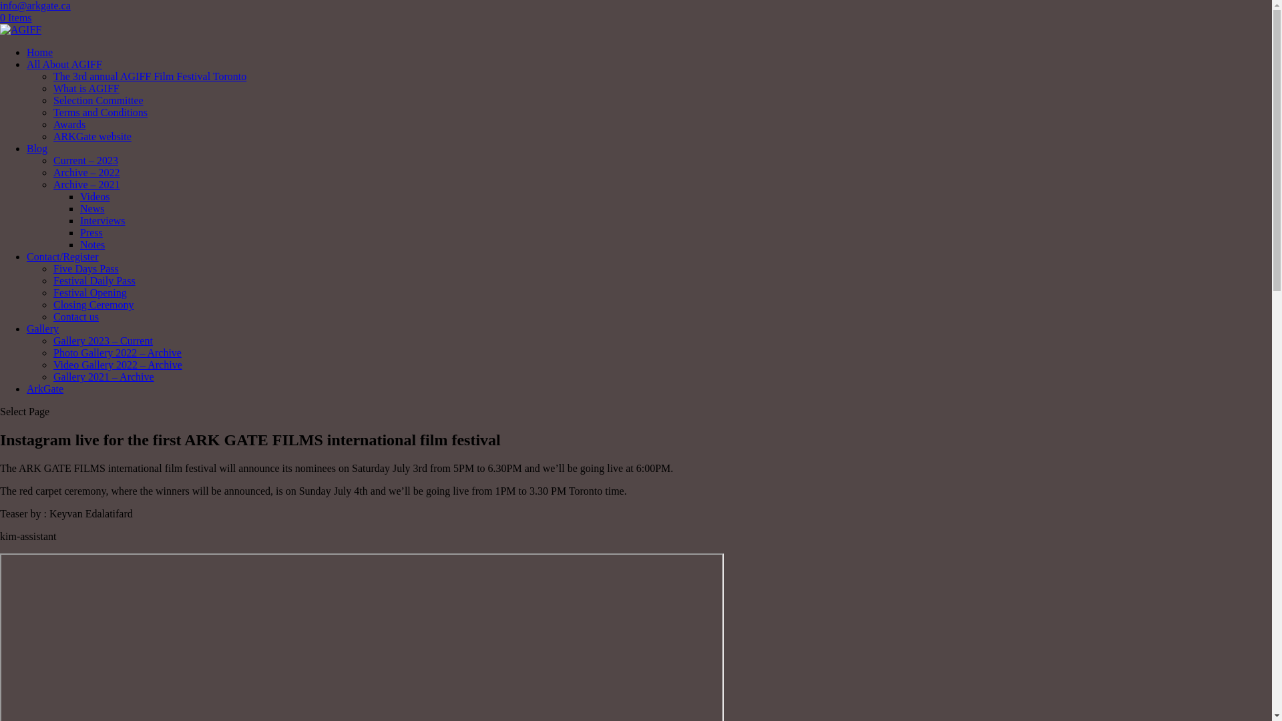 Image resolution: width=1282 pixels, height=721 pixels. I want to click on 'Closing Ceremony', so click(92, 304).